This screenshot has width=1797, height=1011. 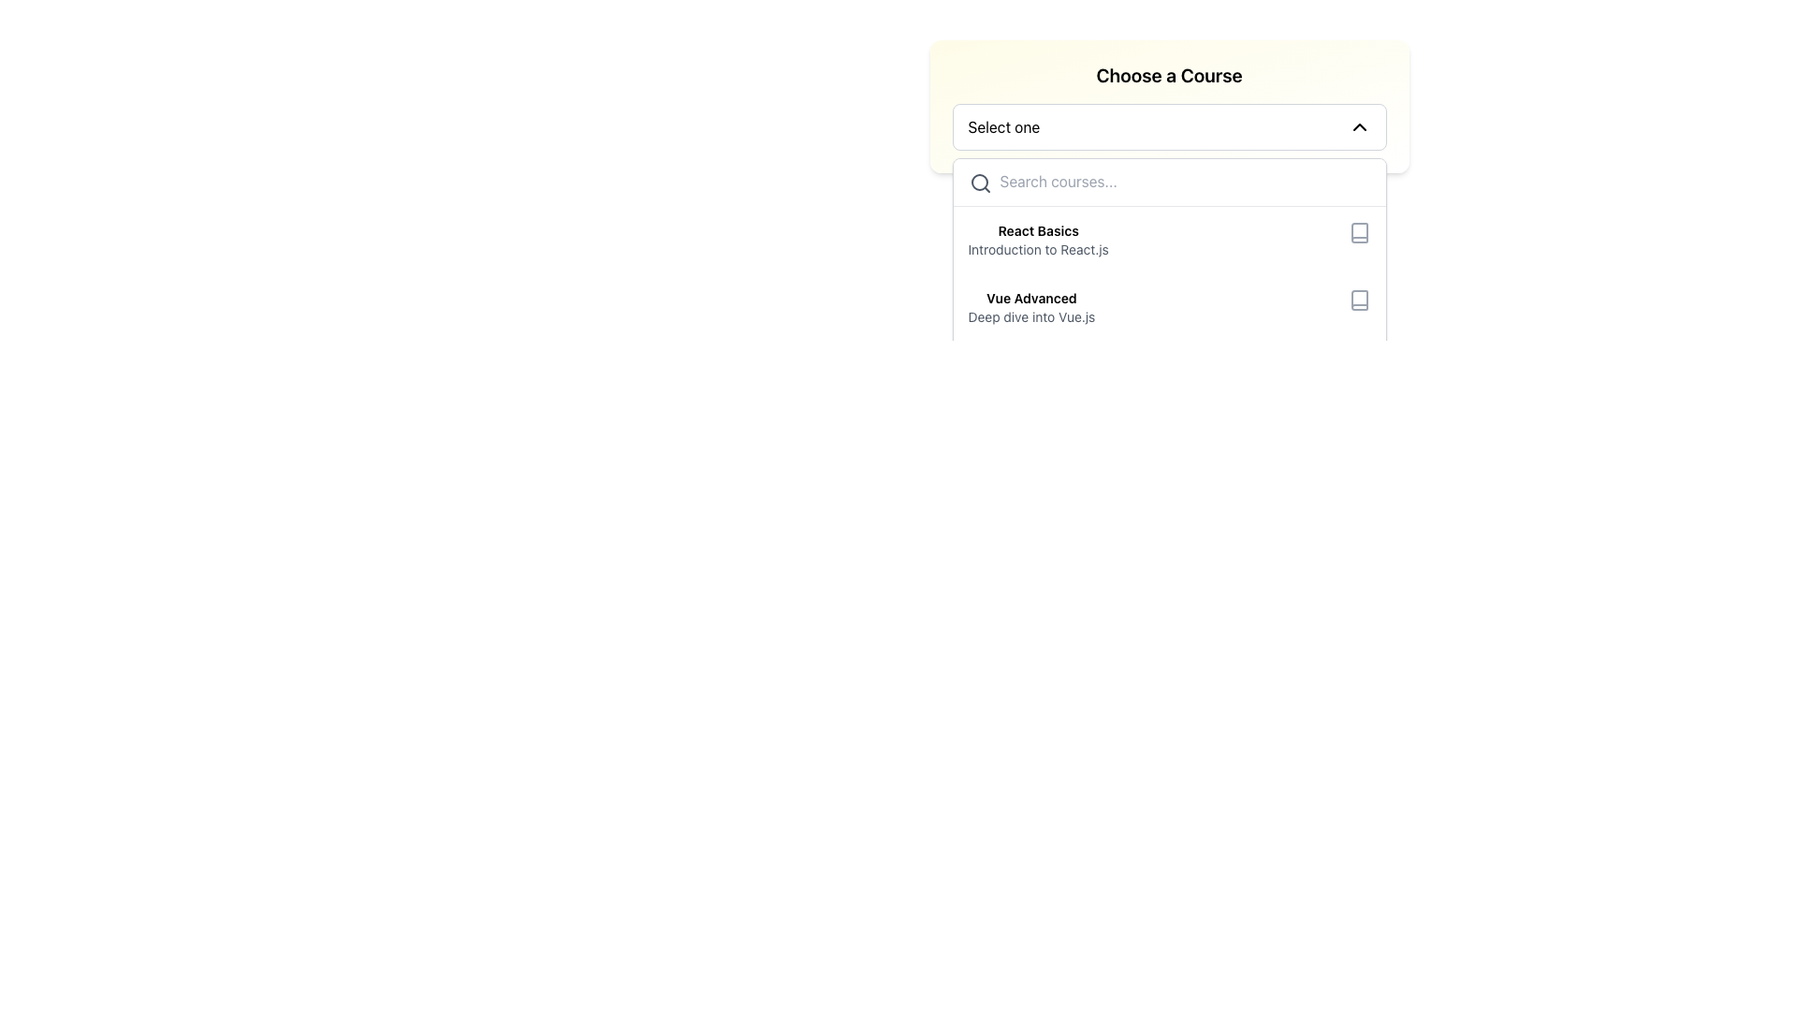 What do you see at coordinates (1037, 229) in the screenshot?
I see `text content of the primary label for the course item in the dropdown menu, located at the top-left area under 'Choose a Course'` at bounding box center [1037, 229].